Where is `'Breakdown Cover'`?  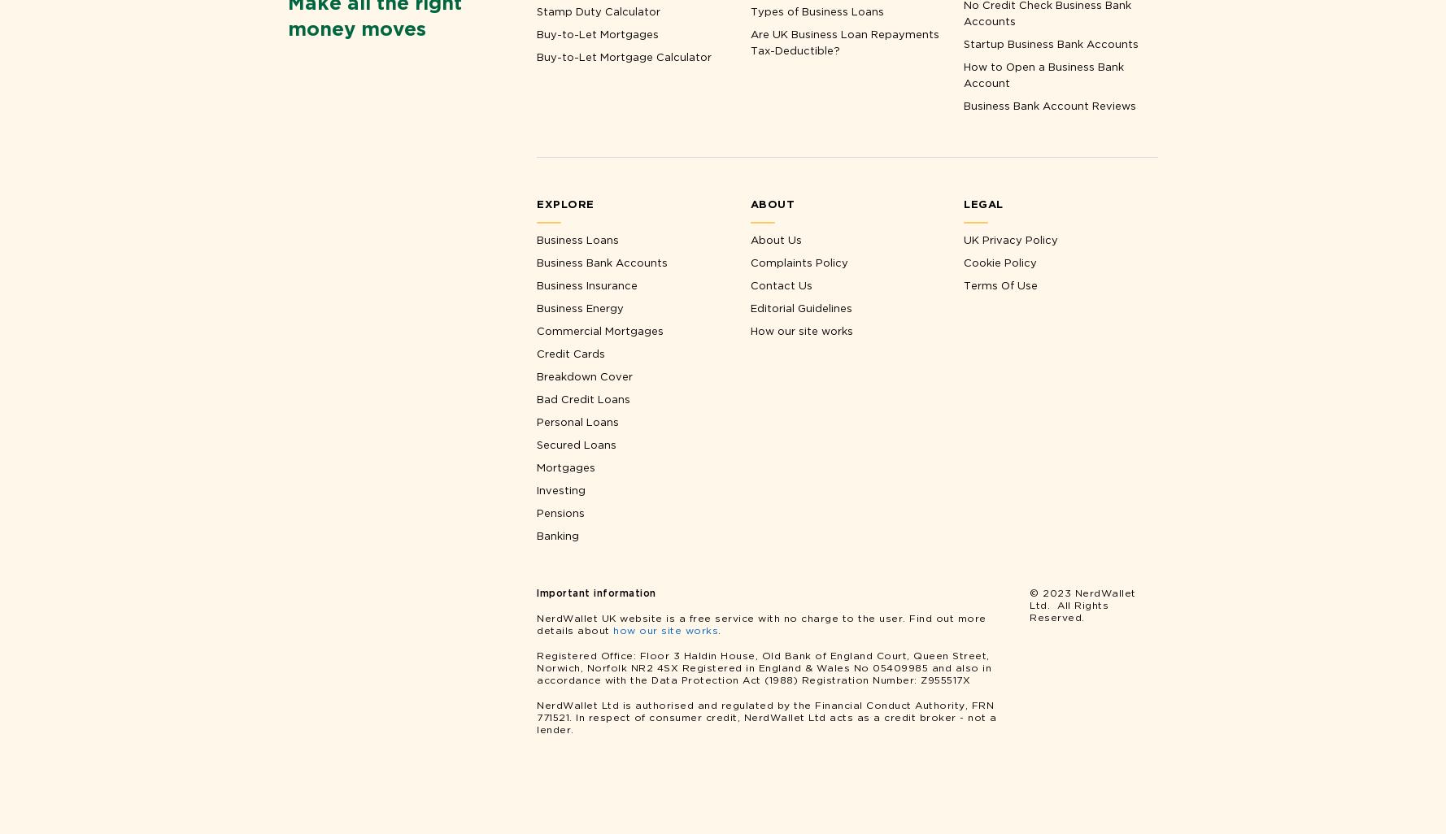 'Breakdown Cover' is located at coordinates (584, 376).